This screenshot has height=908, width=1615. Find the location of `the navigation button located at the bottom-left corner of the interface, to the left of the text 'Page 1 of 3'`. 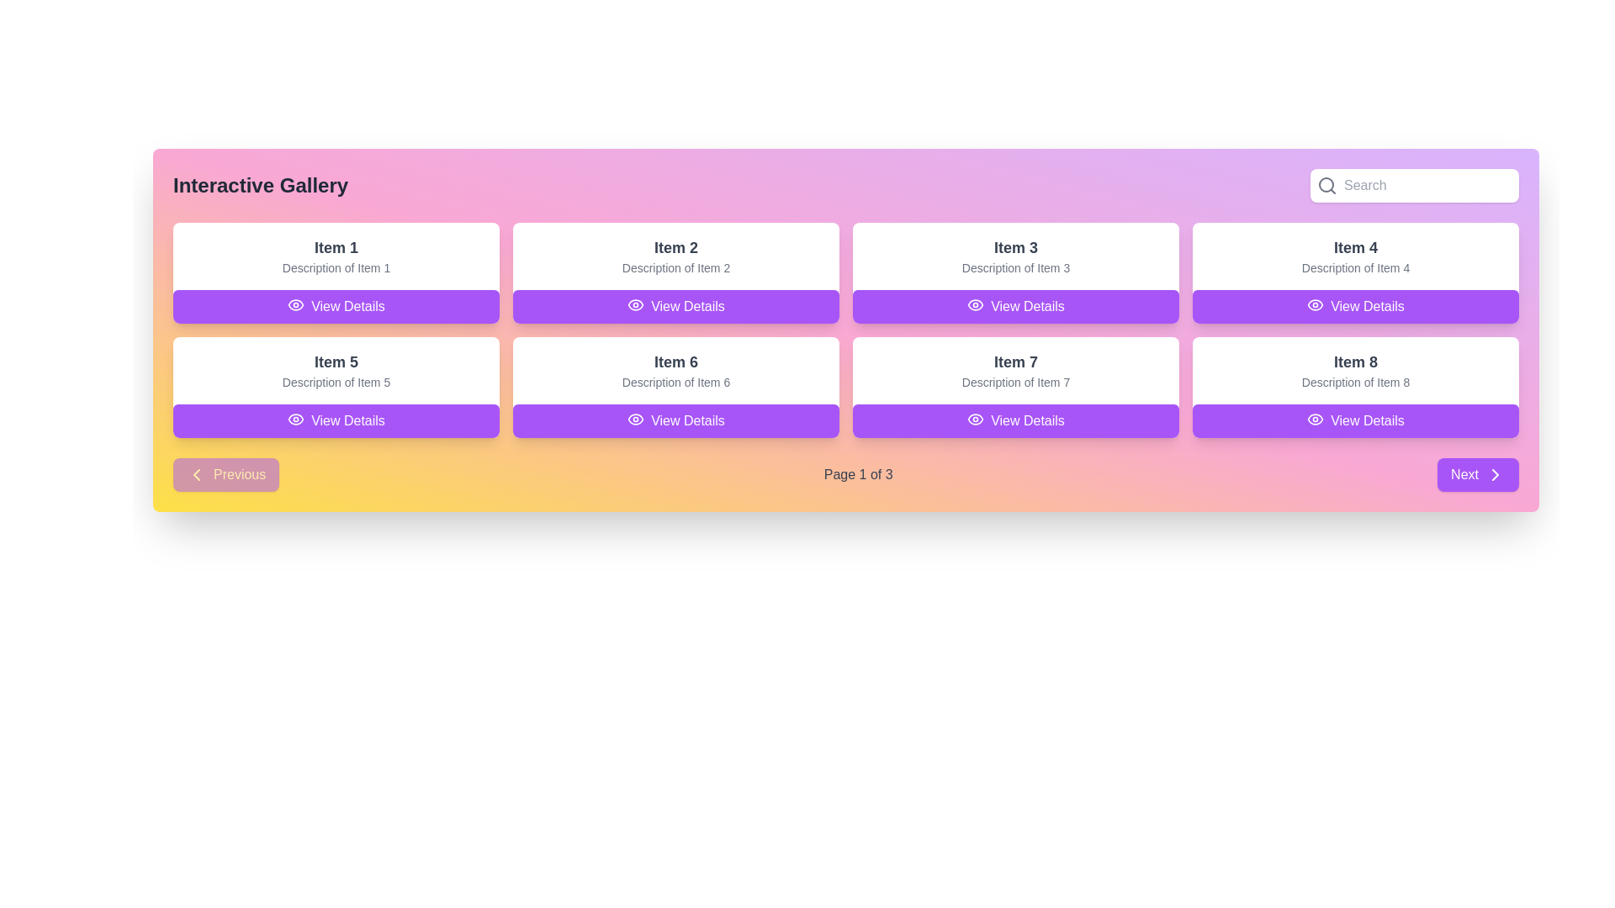

the navigation button located at the bottom-left corner of the interface, to the left of the text 'Page 1 of 3' is located at coordinates (225, 474).